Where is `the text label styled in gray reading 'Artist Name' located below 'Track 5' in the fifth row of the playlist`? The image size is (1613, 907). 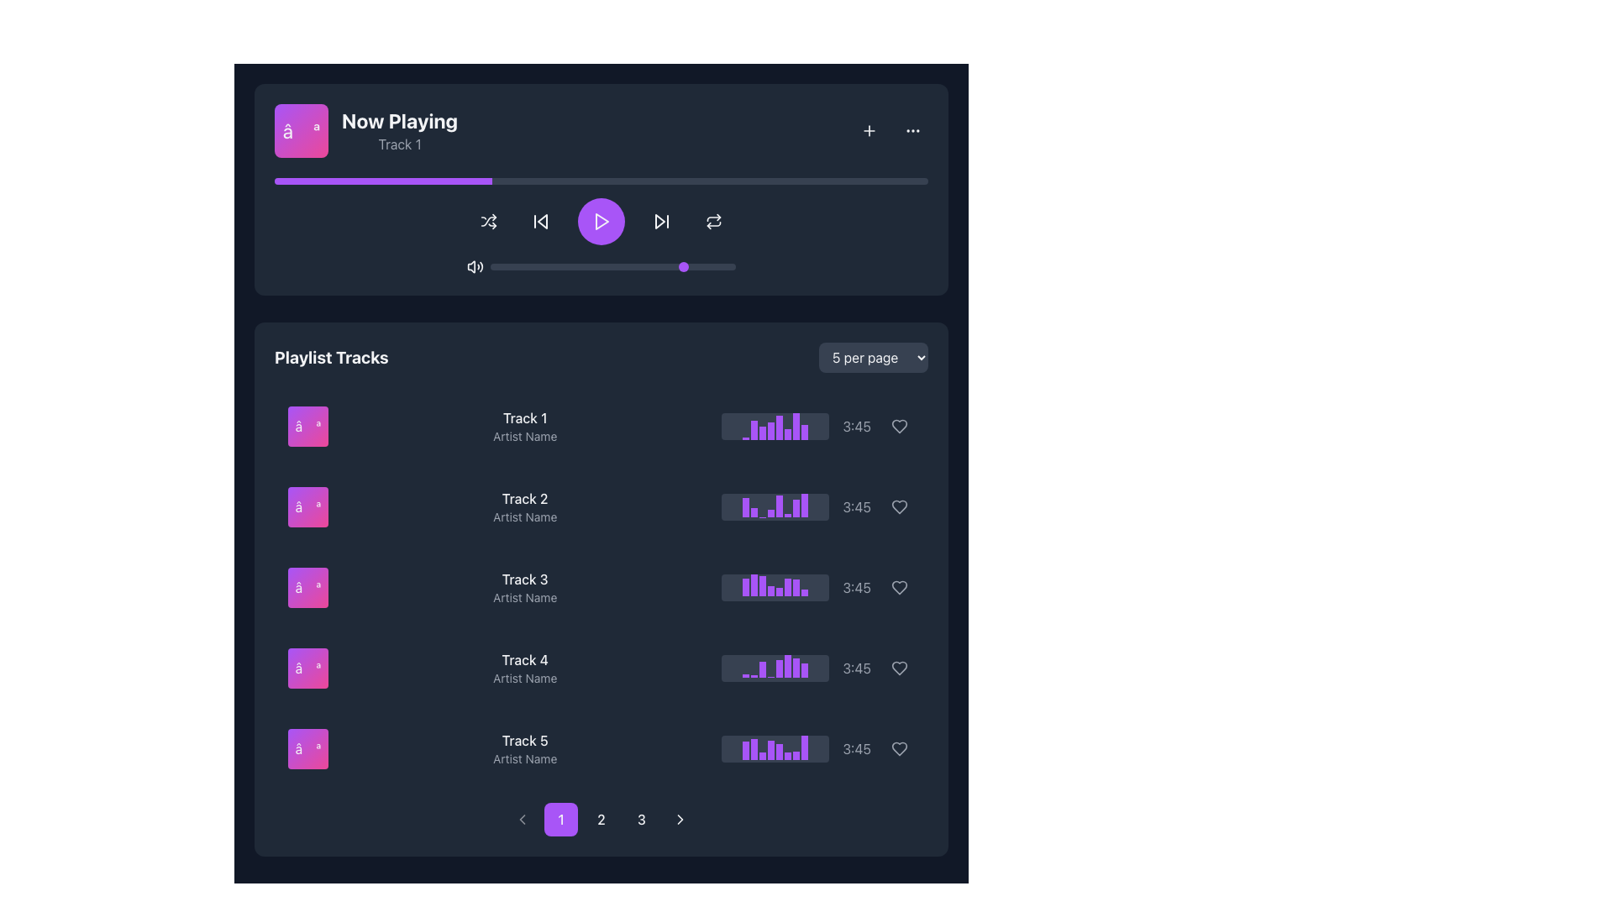 the text label styled in gray reading 'Artist Name' located below 'Track 5' in the fifth row of the playlist is located at coordinates (524, 758).